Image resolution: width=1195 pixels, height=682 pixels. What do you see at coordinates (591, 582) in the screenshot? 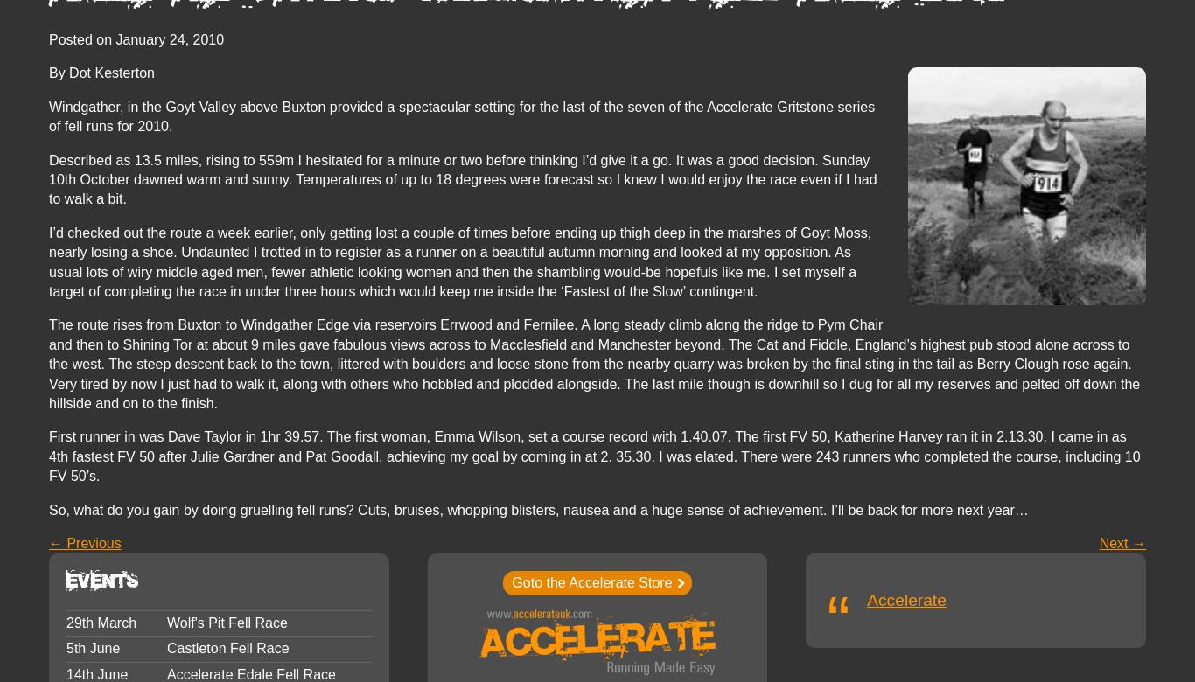
I see `'Goto the Accelerate Store'` at bounding box center [591, 582].